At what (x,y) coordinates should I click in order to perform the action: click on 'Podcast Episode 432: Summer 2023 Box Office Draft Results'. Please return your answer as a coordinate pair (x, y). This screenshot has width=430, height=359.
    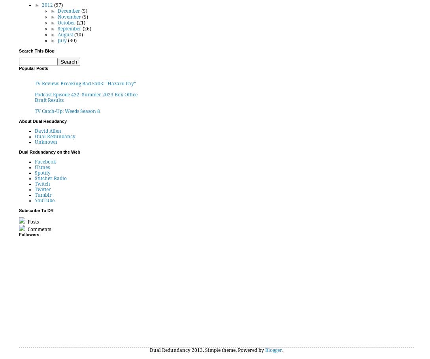
    Looking at the image, I should click on (86, 97).